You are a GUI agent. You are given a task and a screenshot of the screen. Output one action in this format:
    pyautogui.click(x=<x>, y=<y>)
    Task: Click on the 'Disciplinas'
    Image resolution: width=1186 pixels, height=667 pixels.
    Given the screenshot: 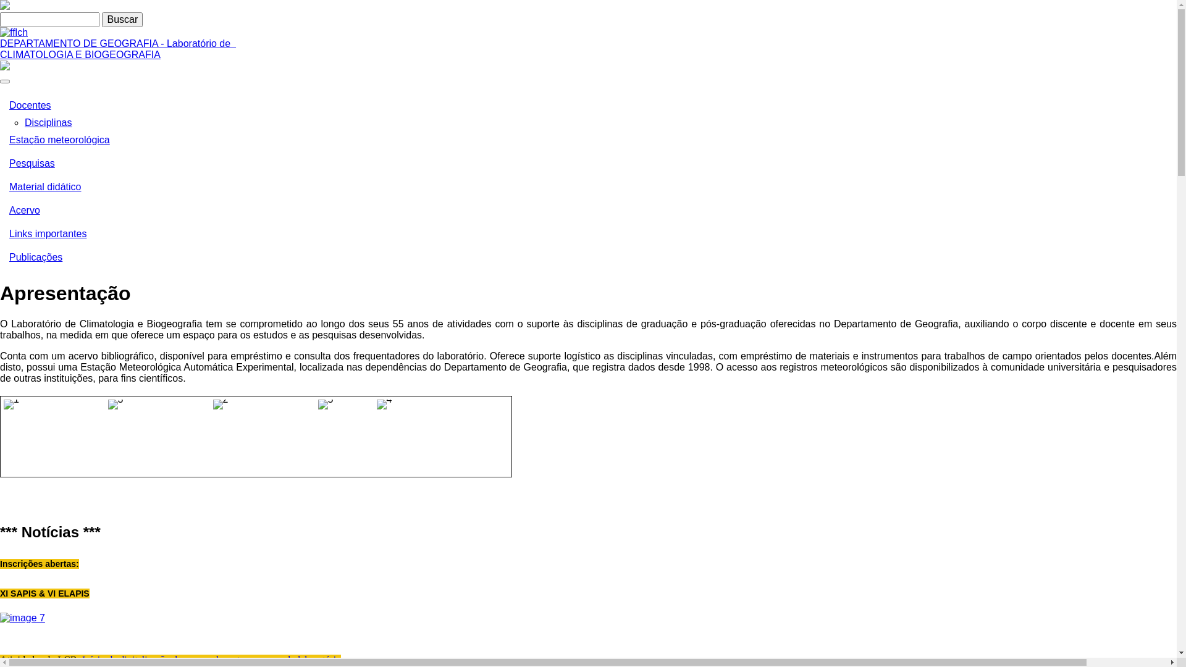 What is the action you would take?
    pyautogui.click(x=48, y=122)
    